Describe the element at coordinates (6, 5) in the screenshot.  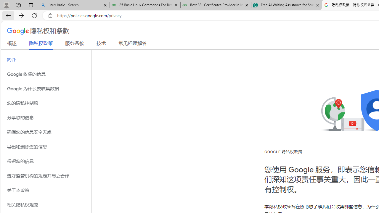
I see `'Personal Profile'` at that location.